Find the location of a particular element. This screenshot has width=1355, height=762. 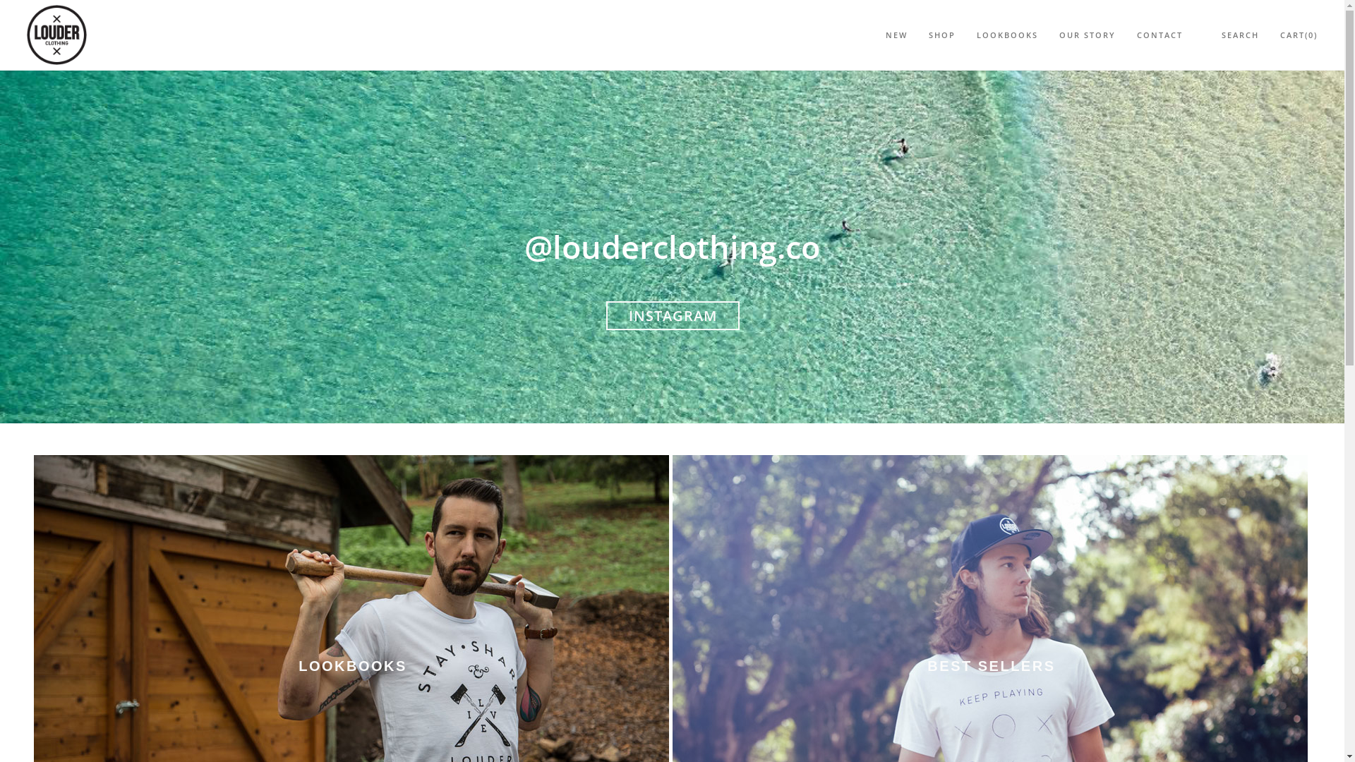

'NEW' is located at coordinates (896, 35).